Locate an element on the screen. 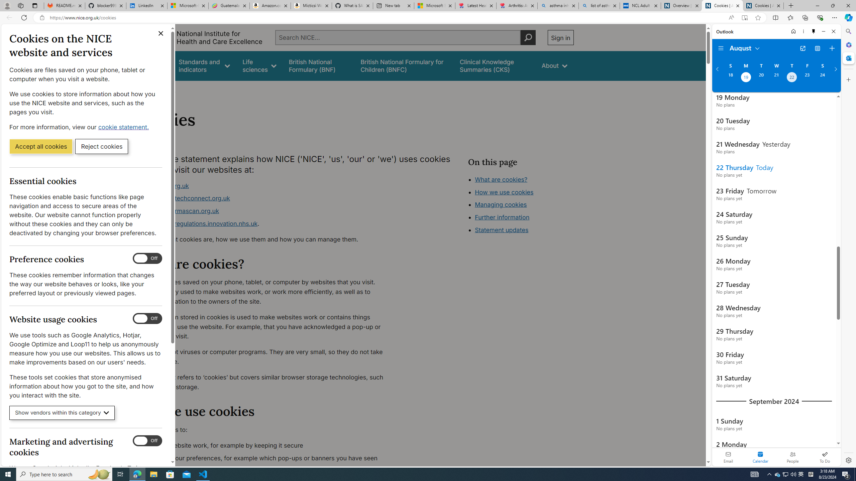  'www.ukpharmascan.org.uk' is located at coordinates (180, 211).